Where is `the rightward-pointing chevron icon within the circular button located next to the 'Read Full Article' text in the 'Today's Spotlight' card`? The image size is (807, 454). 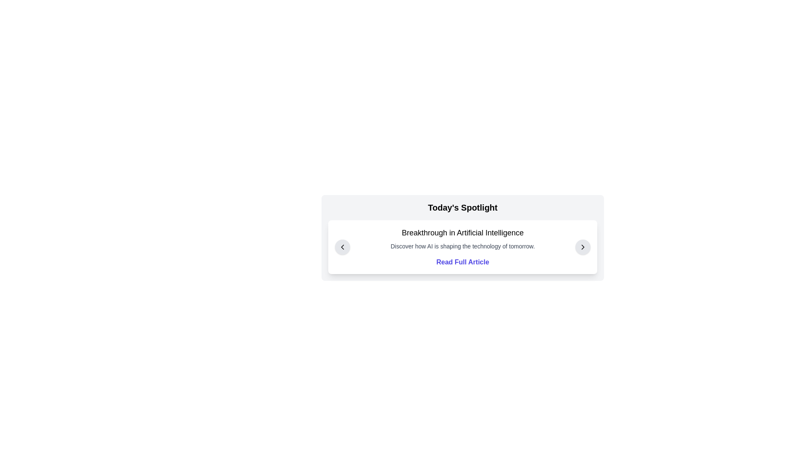 the rightward-pointing chevron icon within the circular button located next to the 'Read Full Article' text in the 'Today's Spotlight' card is located at coordinates (583, 246).